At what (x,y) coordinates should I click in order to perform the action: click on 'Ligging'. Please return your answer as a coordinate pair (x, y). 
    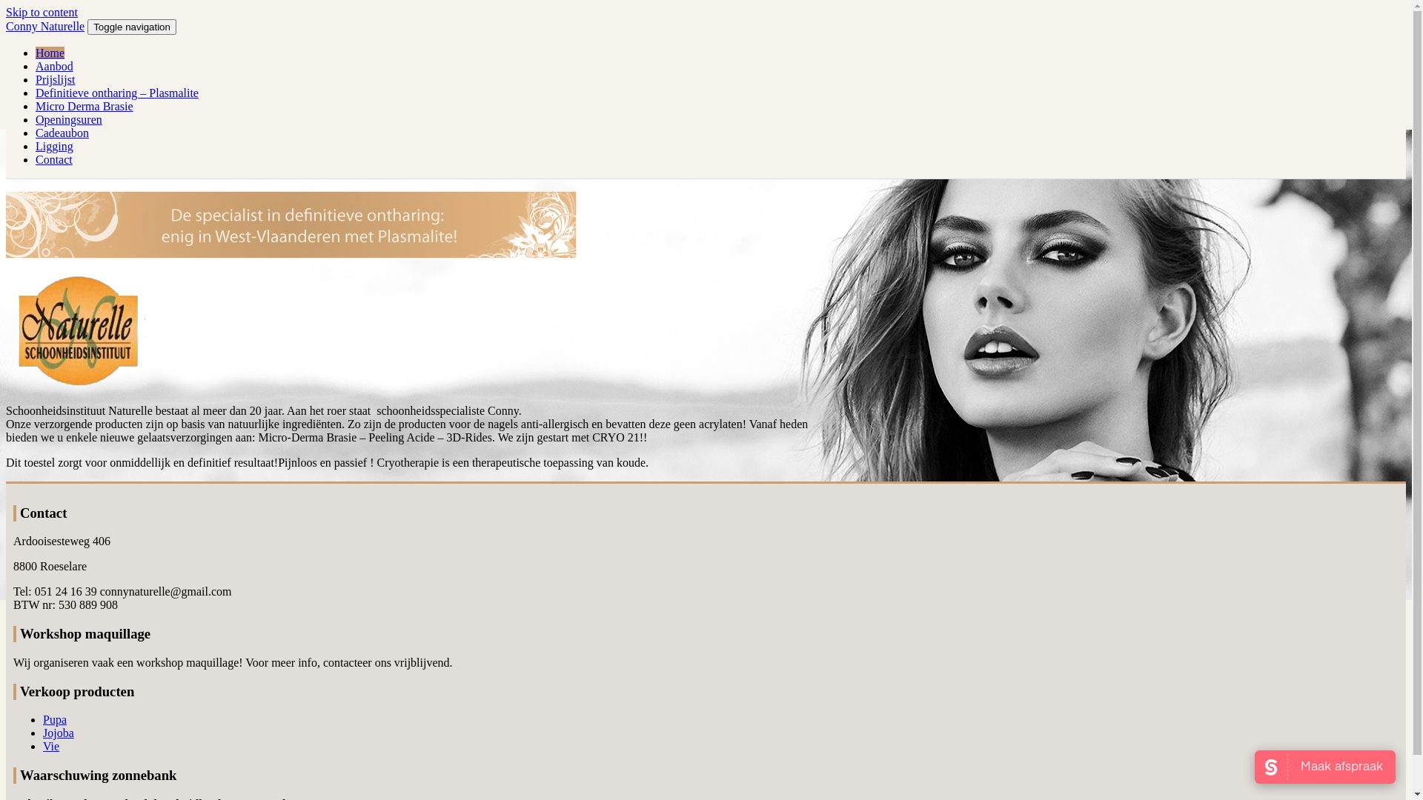
    Looking at the image, I should click on (54, 146).